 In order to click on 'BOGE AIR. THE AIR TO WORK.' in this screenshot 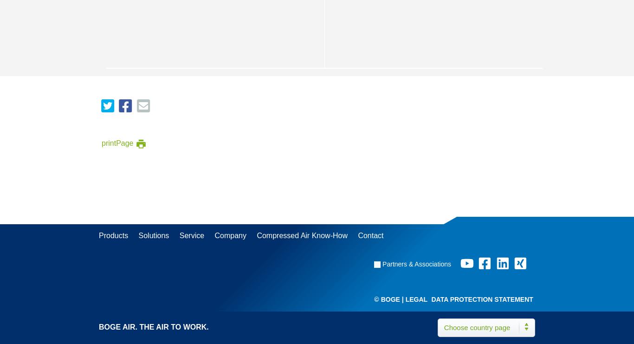, I will do `click(153, 326)`.